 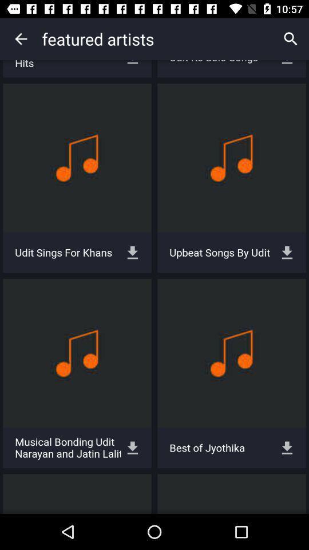 What do you see at coordinates (286, 252) in the screenshot?
I see `the button which is right to the upbeat songs by udit` at bounding box center [286, 252].